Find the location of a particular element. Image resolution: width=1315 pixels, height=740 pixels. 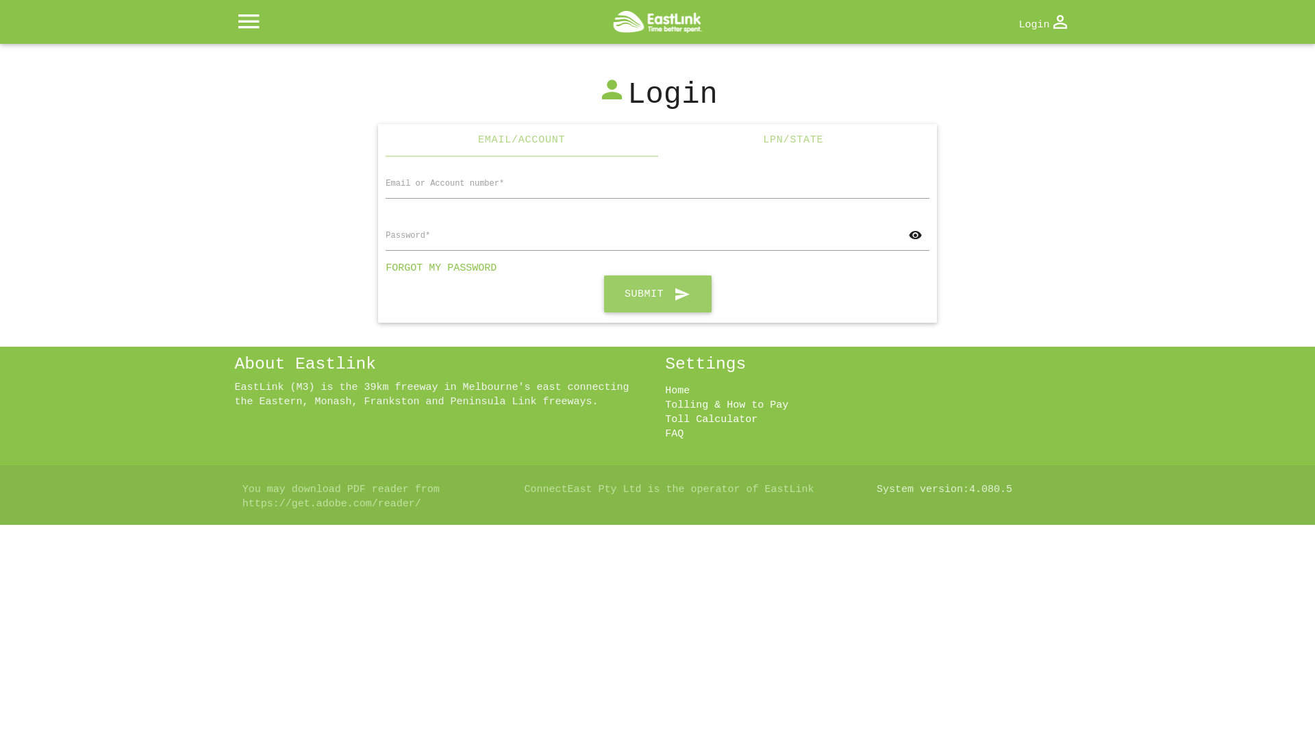

'EMAIL/ACCOUNT' is located at coordinates (521, 140).